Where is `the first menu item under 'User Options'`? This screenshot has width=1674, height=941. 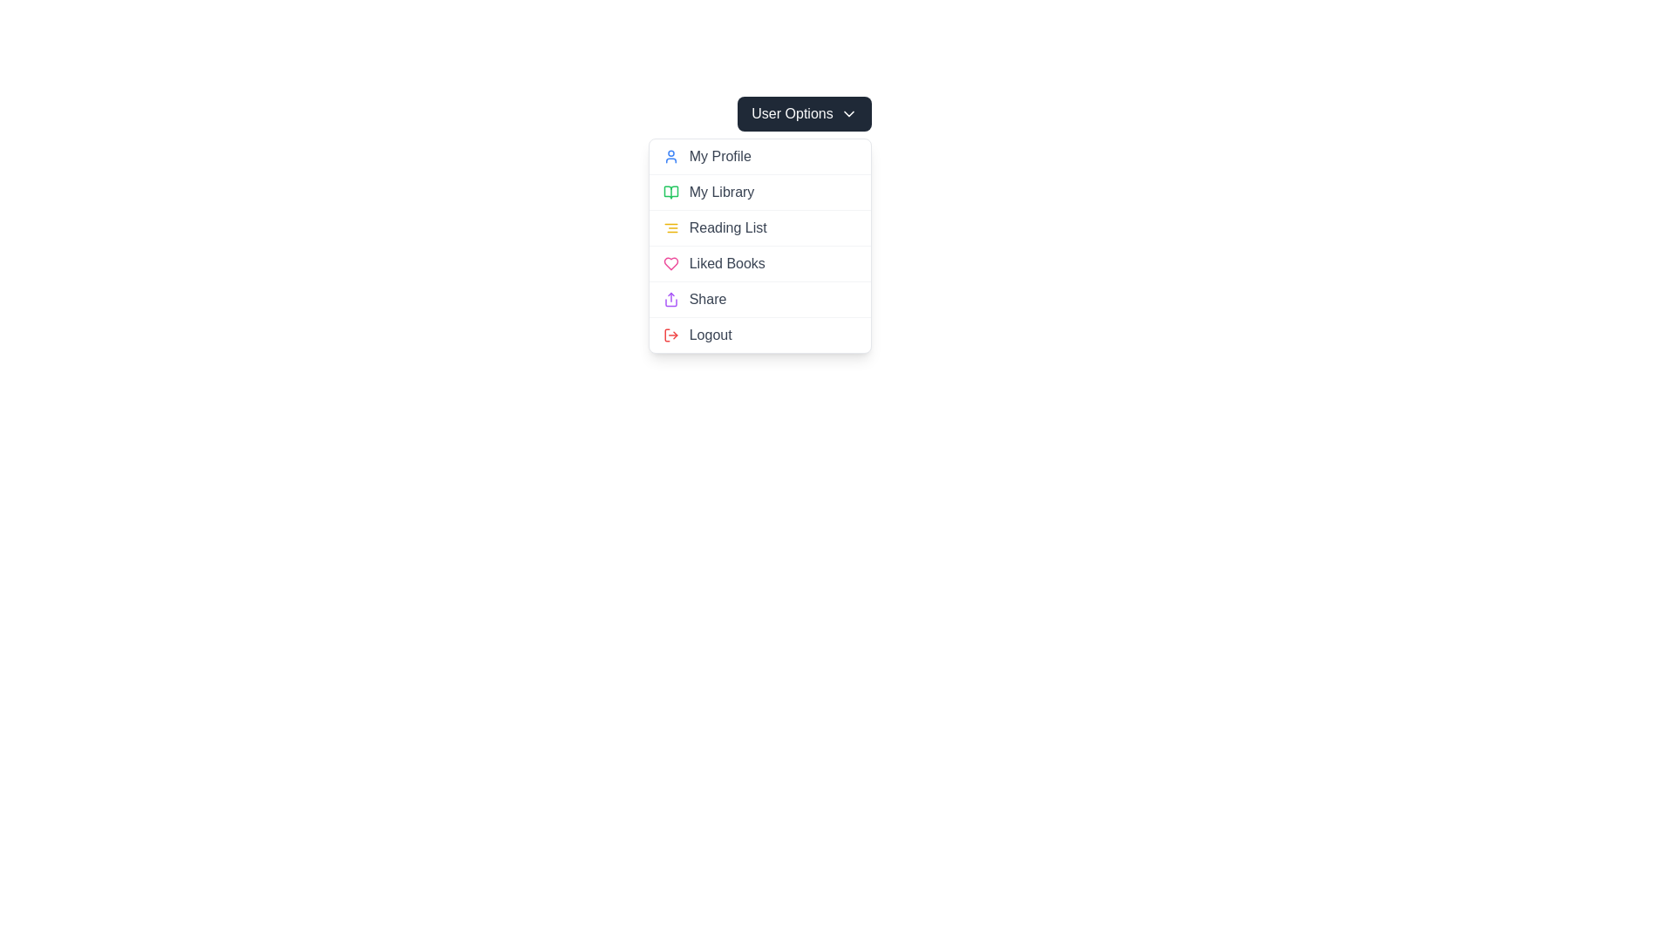
the first menu item under 'User Options' is located at coordinates (759, 157).